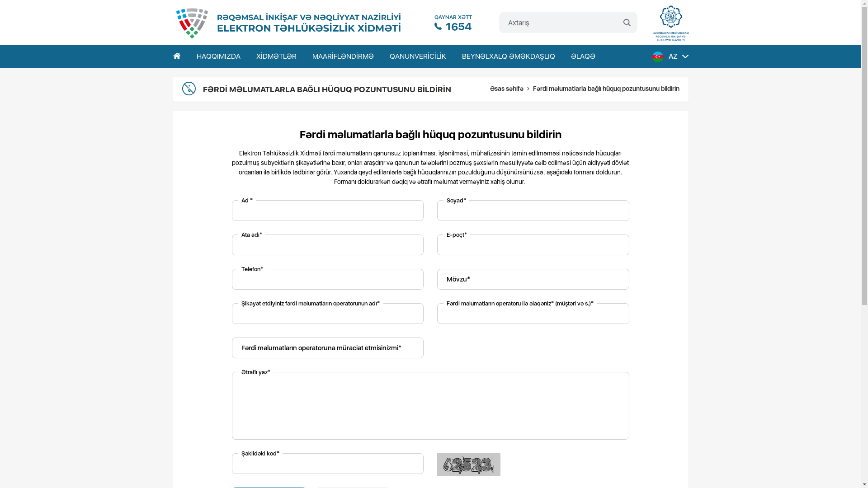 Image resolution: width=868 pixels, height=488 pixels. What do you see at coordinates (218, 56) in the screenshot?
I see `'HAQQIMIZDA'` at bounding box center [218, 56].